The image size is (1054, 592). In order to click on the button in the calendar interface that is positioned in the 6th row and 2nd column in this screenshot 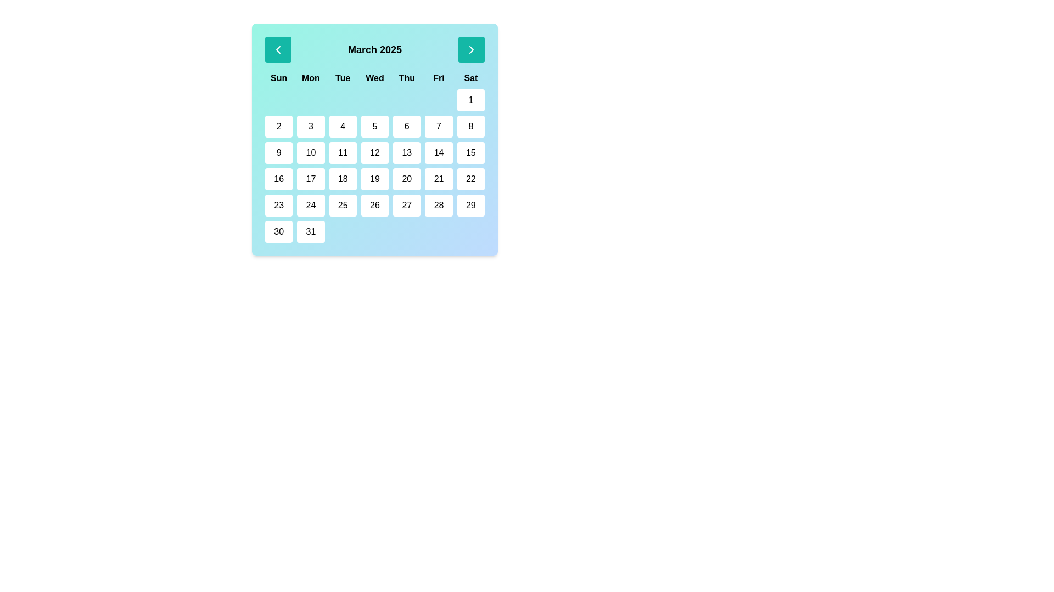, I will do `click(310, 205)`.